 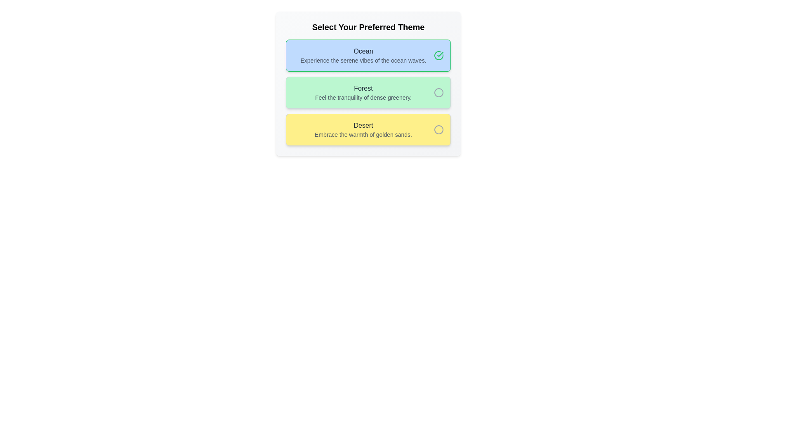 I want to click on the 'Forest' theme label, the second selectable theme option in a vertically stacked list, located between 'Ocean' and 'Desert', so click(x=363, y=89).